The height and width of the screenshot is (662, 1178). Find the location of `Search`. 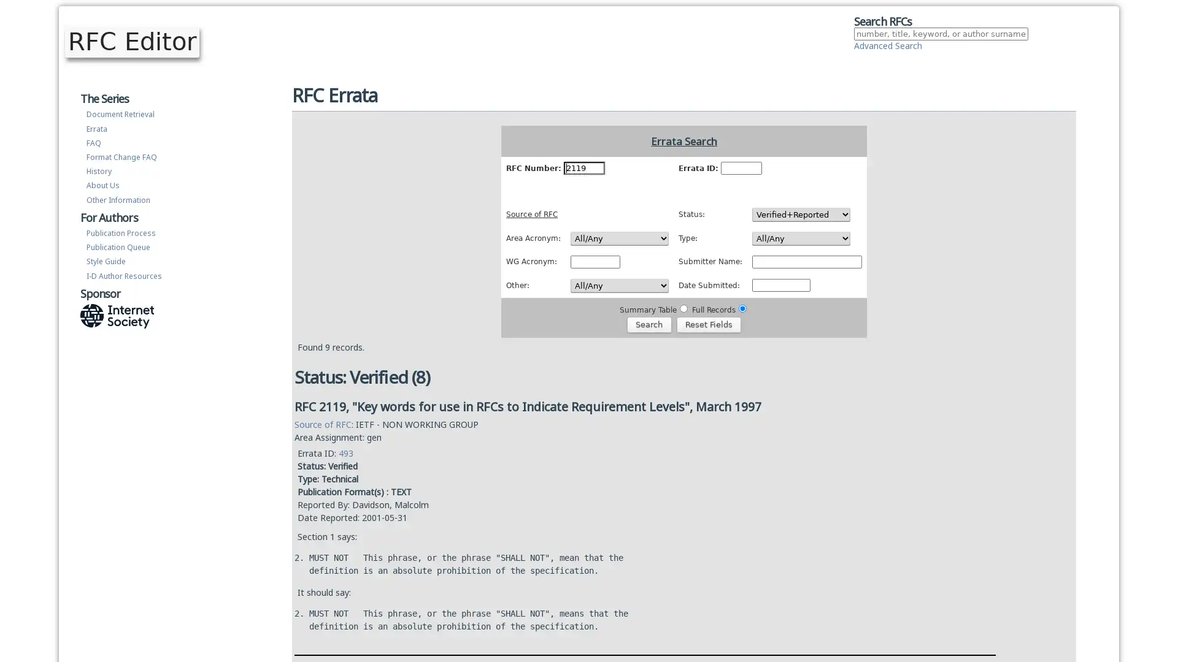

Search is located at coordinates (648, 323).